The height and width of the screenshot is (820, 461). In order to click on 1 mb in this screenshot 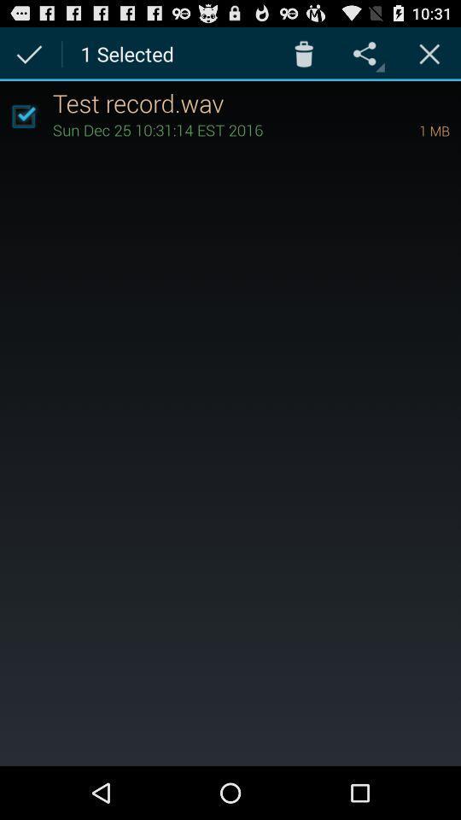, I will do `click(410, 129)`.